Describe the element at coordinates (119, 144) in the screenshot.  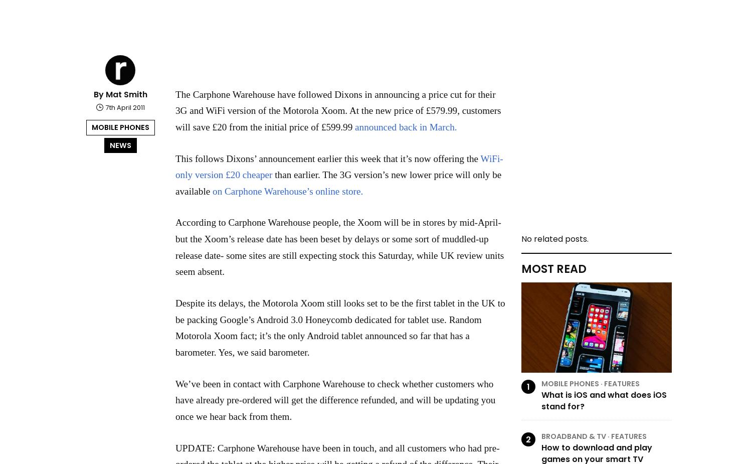
I see `'News'` at that location.